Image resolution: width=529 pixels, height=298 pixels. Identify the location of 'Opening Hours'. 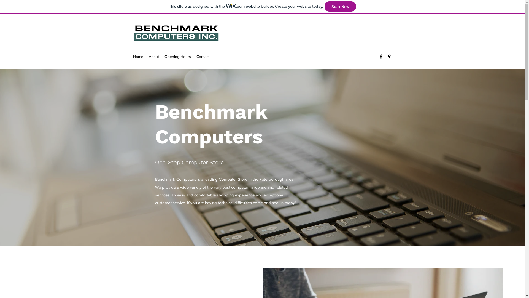
(161, 56).